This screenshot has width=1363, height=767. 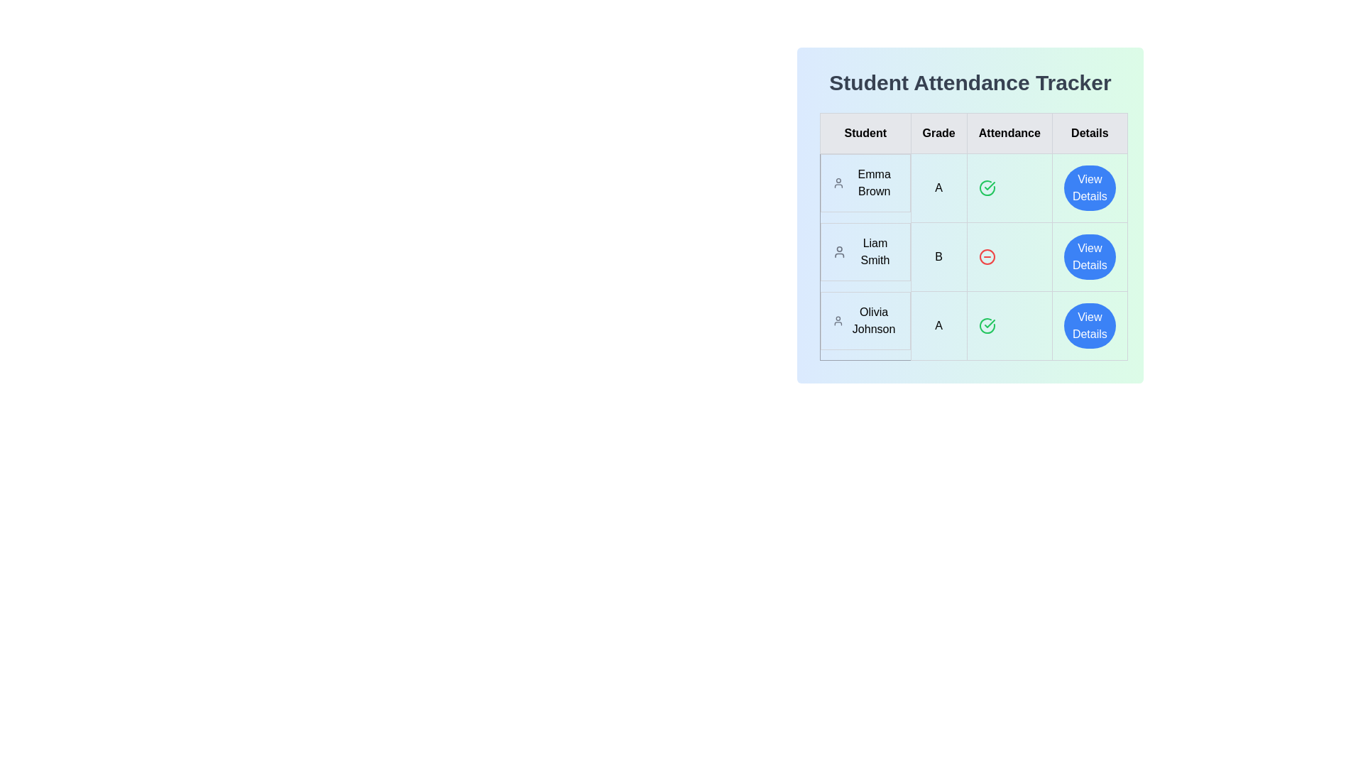 I want to click on 'View Details' button for the student Emma Brown, so click(x=1089, y=187).